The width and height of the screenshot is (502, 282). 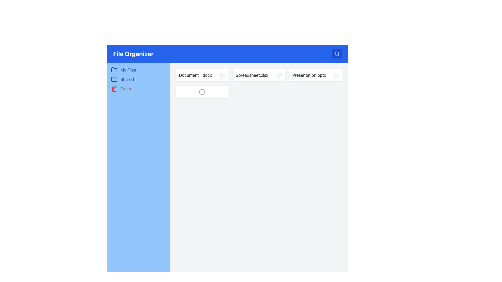 I want to click on the magnifying glass icon located in the top-right corner of the blue header bar, which indicates search functionality, so click(x=337, y=54).